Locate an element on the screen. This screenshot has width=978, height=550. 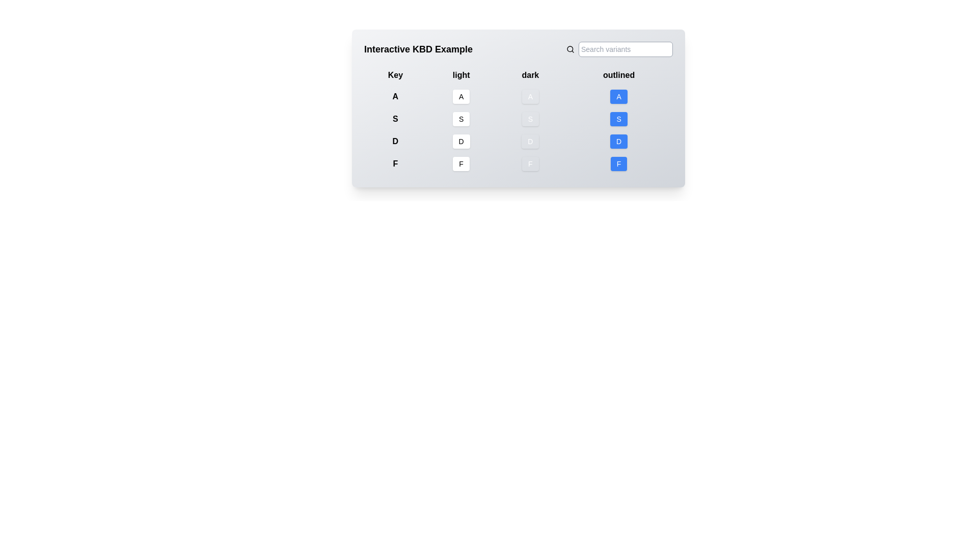
the 'A' key button in the outlined column of the interactive keyboard layout, located in the first row is located at coordinates (618, 96).